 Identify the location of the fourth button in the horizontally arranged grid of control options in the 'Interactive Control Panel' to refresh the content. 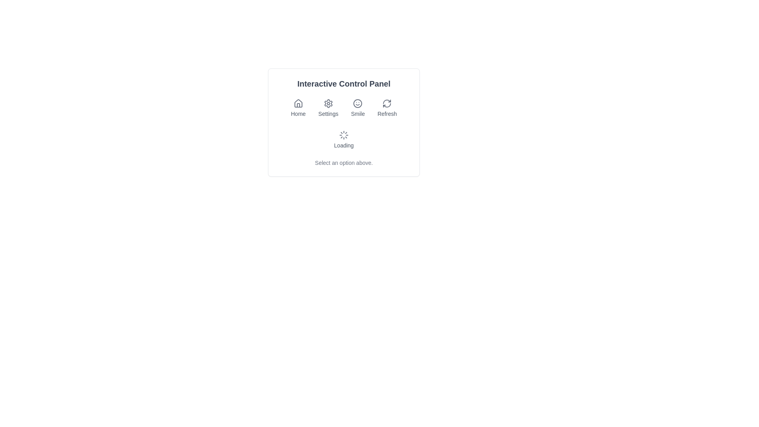
(387, 108).